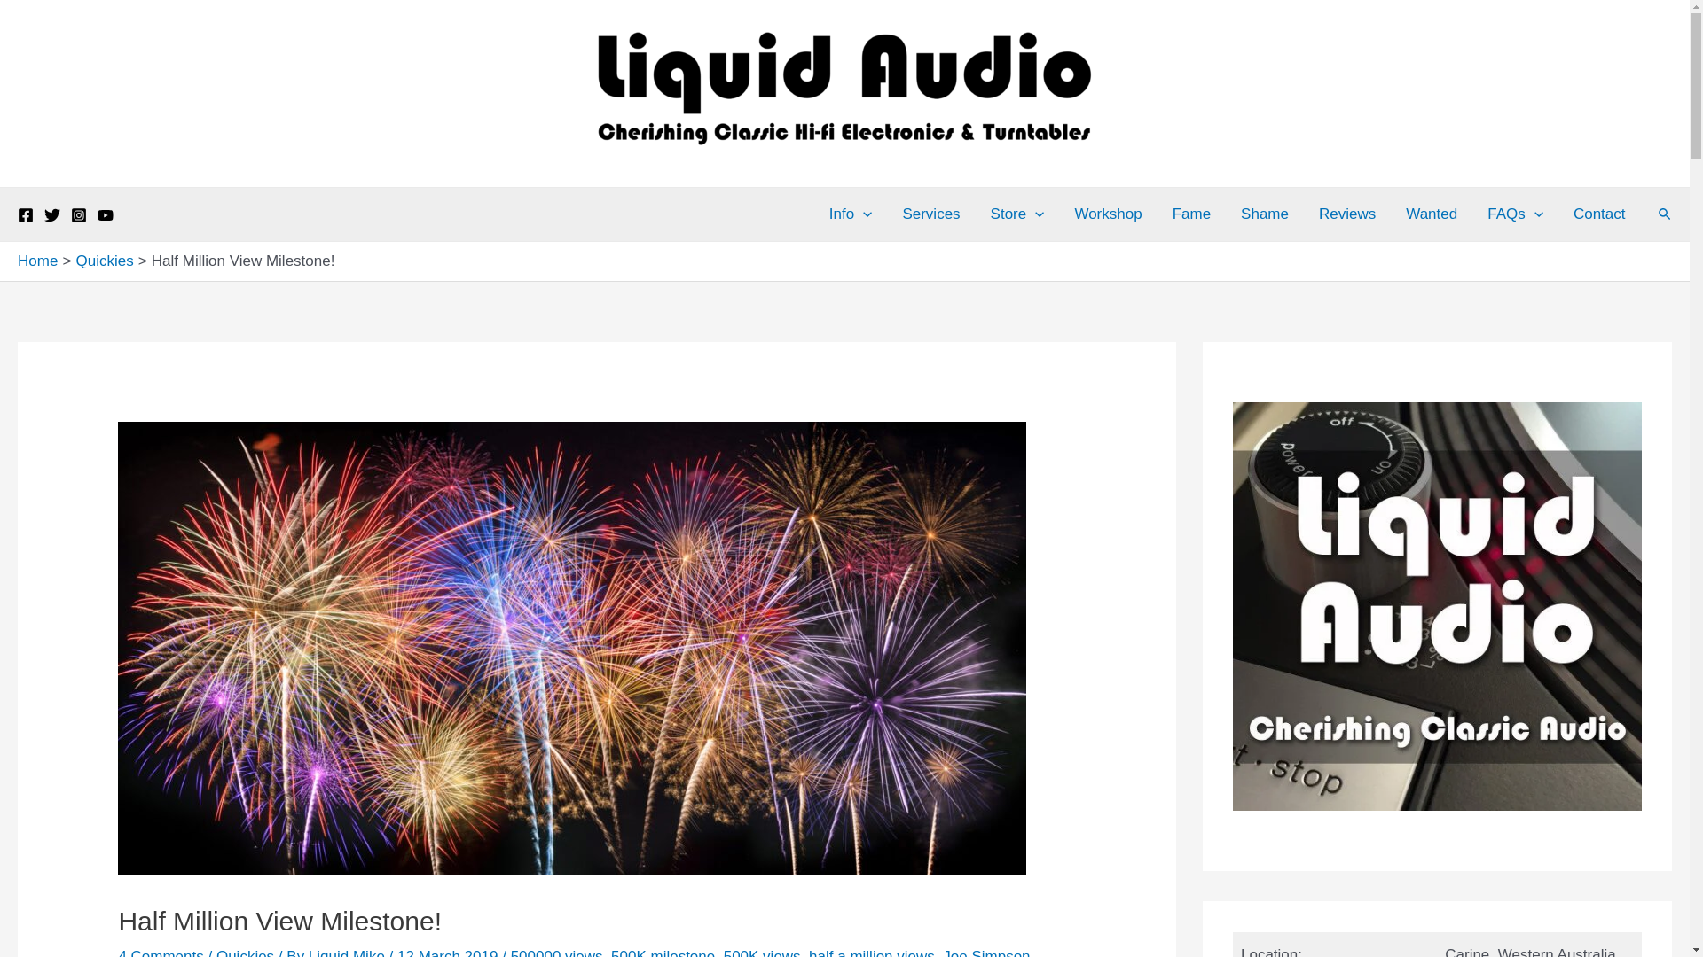 The image size is (1703, 957). What do you see at coordinates (1431, 214) in the screenshot?
I see `'Wanted'` at bounding box center [1431, 214].